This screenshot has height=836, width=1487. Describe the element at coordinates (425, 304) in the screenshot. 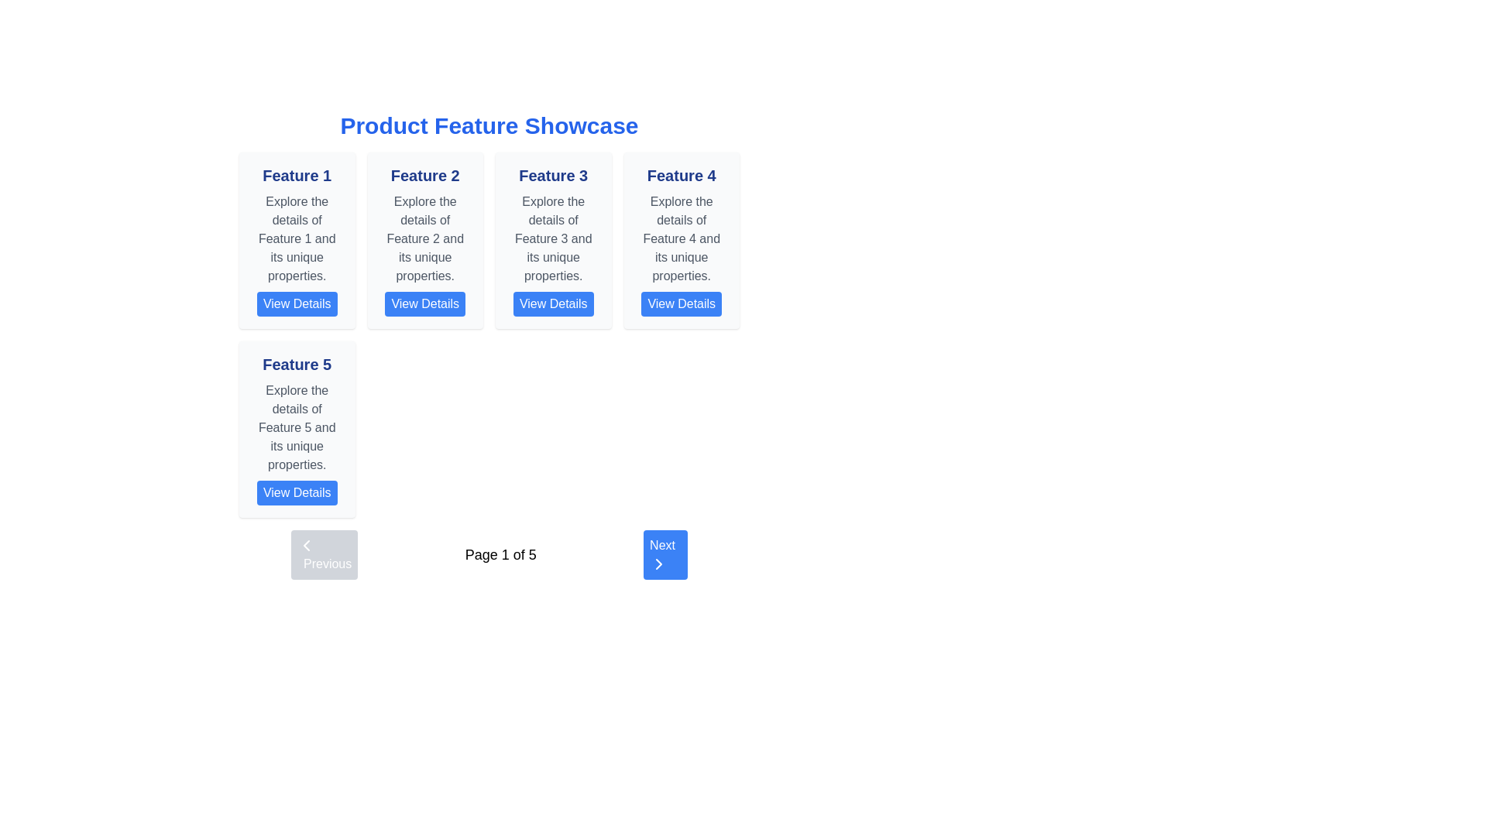

I see `the blue button with rounded edges labeled 'View Details'` at that location.